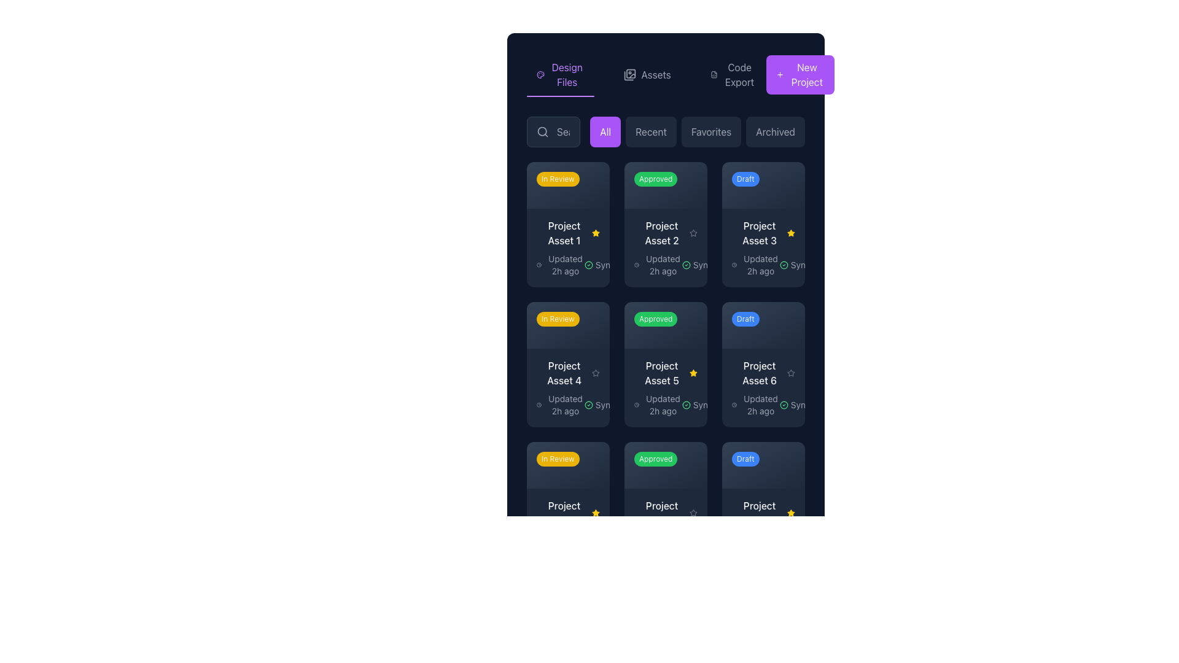  Describe the element at coordinates (665, 185) in the screenshot. I see `the status label indicating approval for the asset in the 'Project Asset 2' card located in the top section of the grid layout` at that location.